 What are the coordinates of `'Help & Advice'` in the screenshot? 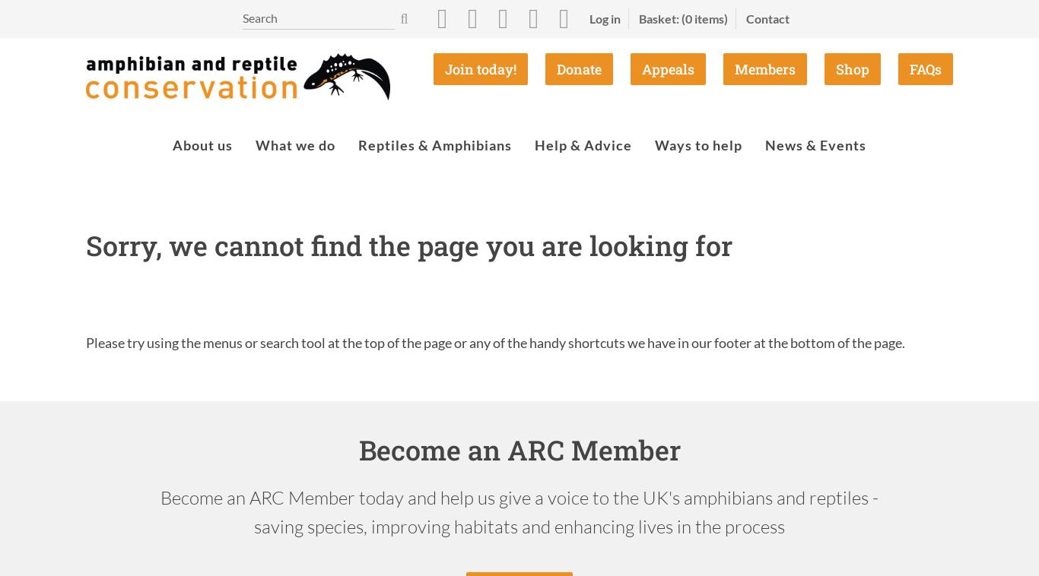 It's located at (583, 145).